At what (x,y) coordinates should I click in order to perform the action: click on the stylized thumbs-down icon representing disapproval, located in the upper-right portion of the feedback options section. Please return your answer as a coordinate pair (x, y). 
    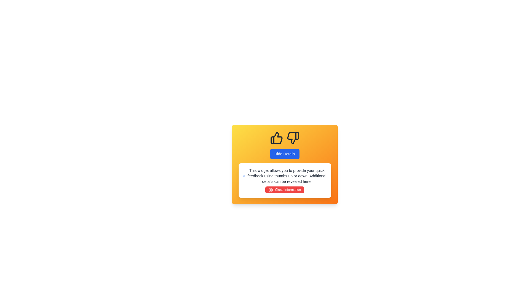
    Looking at the image, I should click on (293, 137).